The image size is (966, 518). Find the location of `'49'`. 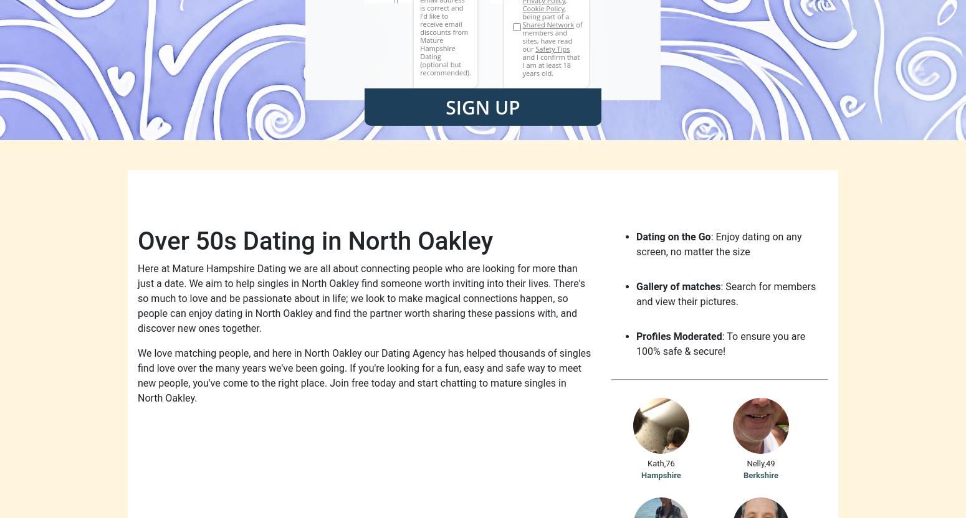

'49' is located at coordinates (770, 463).